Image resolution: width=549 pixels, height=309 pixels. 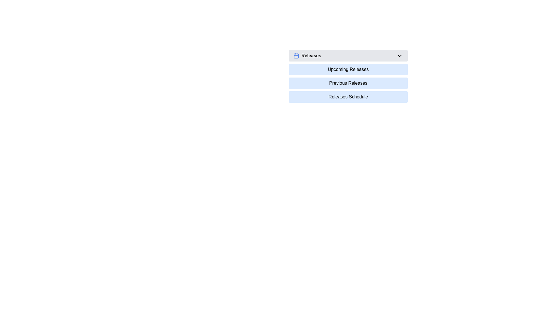 I want to click on the 'Previous Releases' item in the dropdown menu located at the top-left of the modal, so click(x=348, y=76).